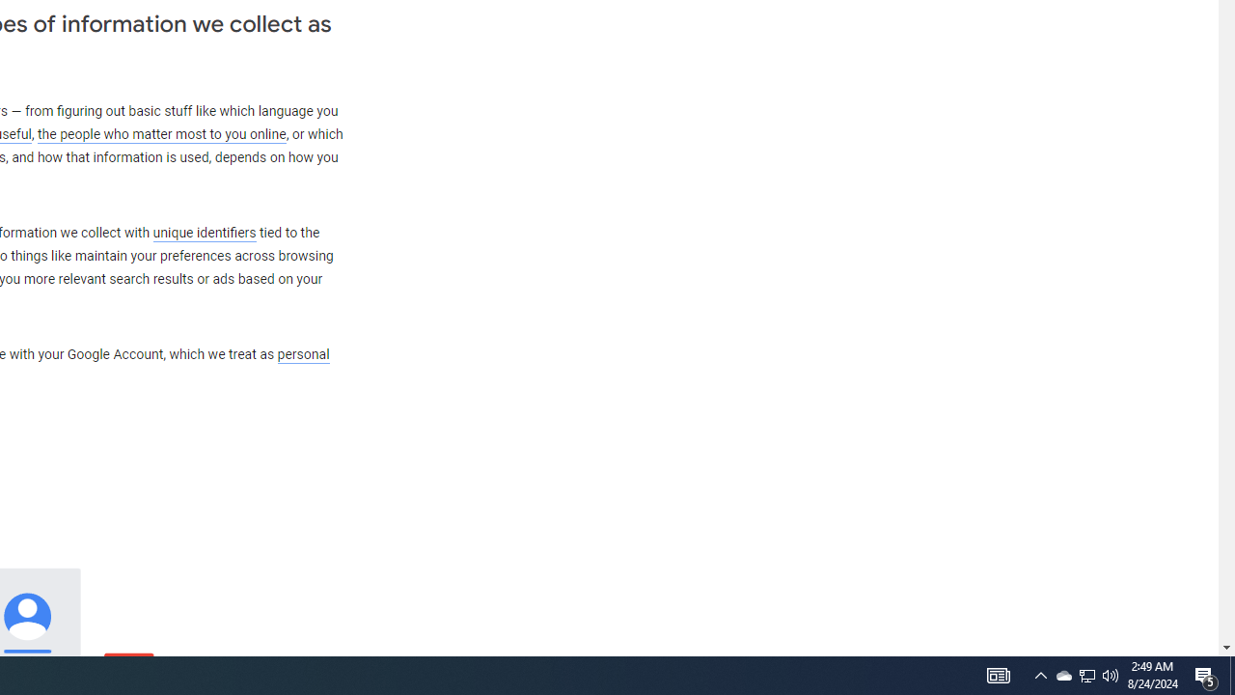 This screenshot has height=695, width=1235. What do you see at coordinates (1040, 674) in the screenshot?
I see `'Notification Chevron'` at bounding box center [1040, 674].